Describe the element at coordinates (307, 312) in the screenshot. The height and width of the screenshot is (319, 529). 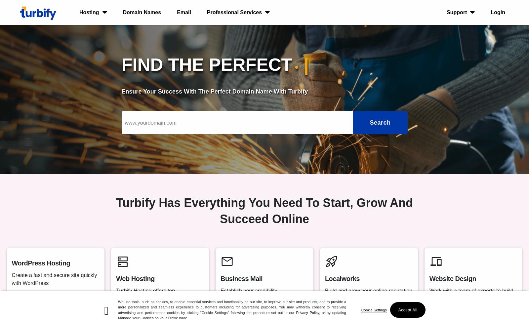
I see `'Privacy Policy'` at that location.